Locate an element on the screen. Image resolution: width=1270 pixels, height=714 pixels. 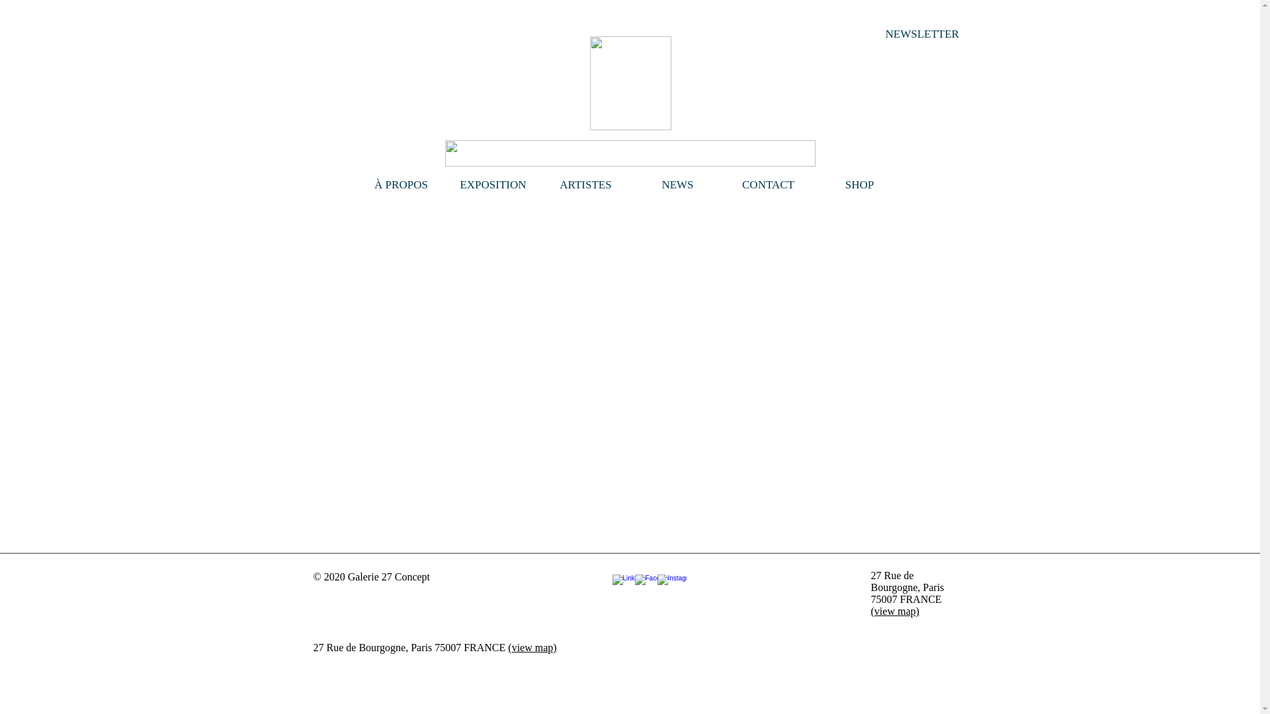
'SHOP' is located at coordinates (860, 185).